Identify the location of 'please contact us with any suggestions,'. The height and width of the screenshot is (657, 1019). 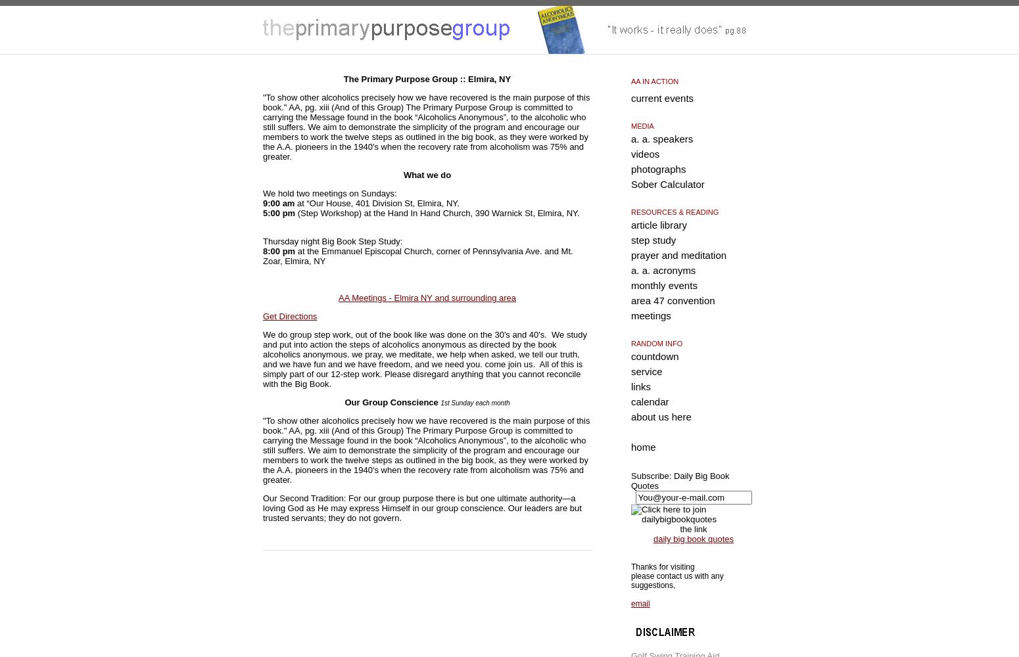
(676, 581).